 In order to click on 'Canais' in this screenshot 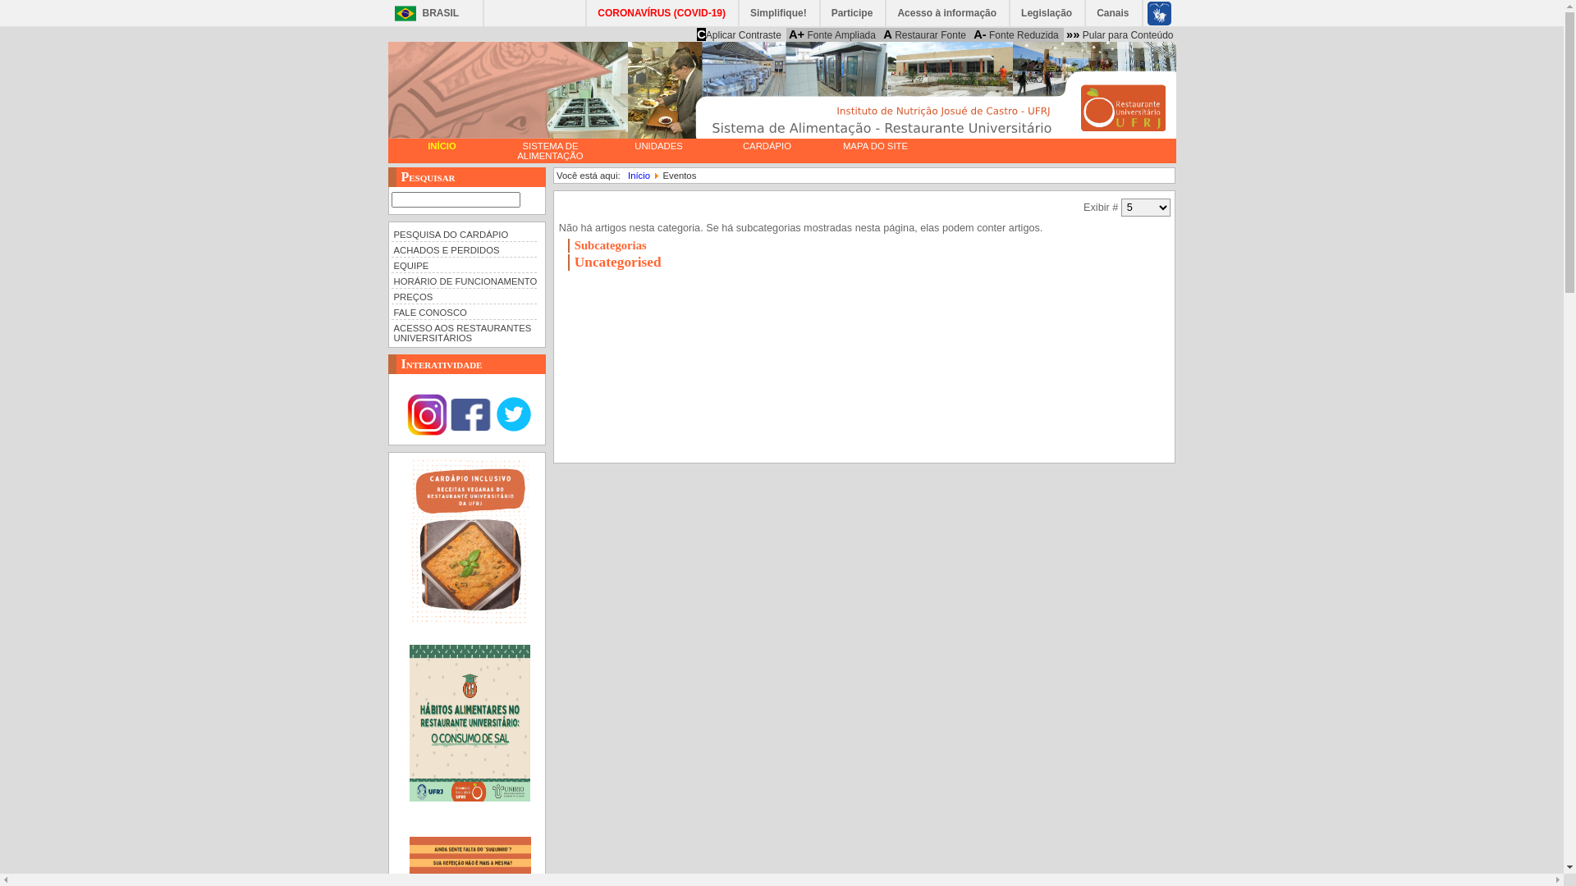, I will do `click(1113, 12)`.